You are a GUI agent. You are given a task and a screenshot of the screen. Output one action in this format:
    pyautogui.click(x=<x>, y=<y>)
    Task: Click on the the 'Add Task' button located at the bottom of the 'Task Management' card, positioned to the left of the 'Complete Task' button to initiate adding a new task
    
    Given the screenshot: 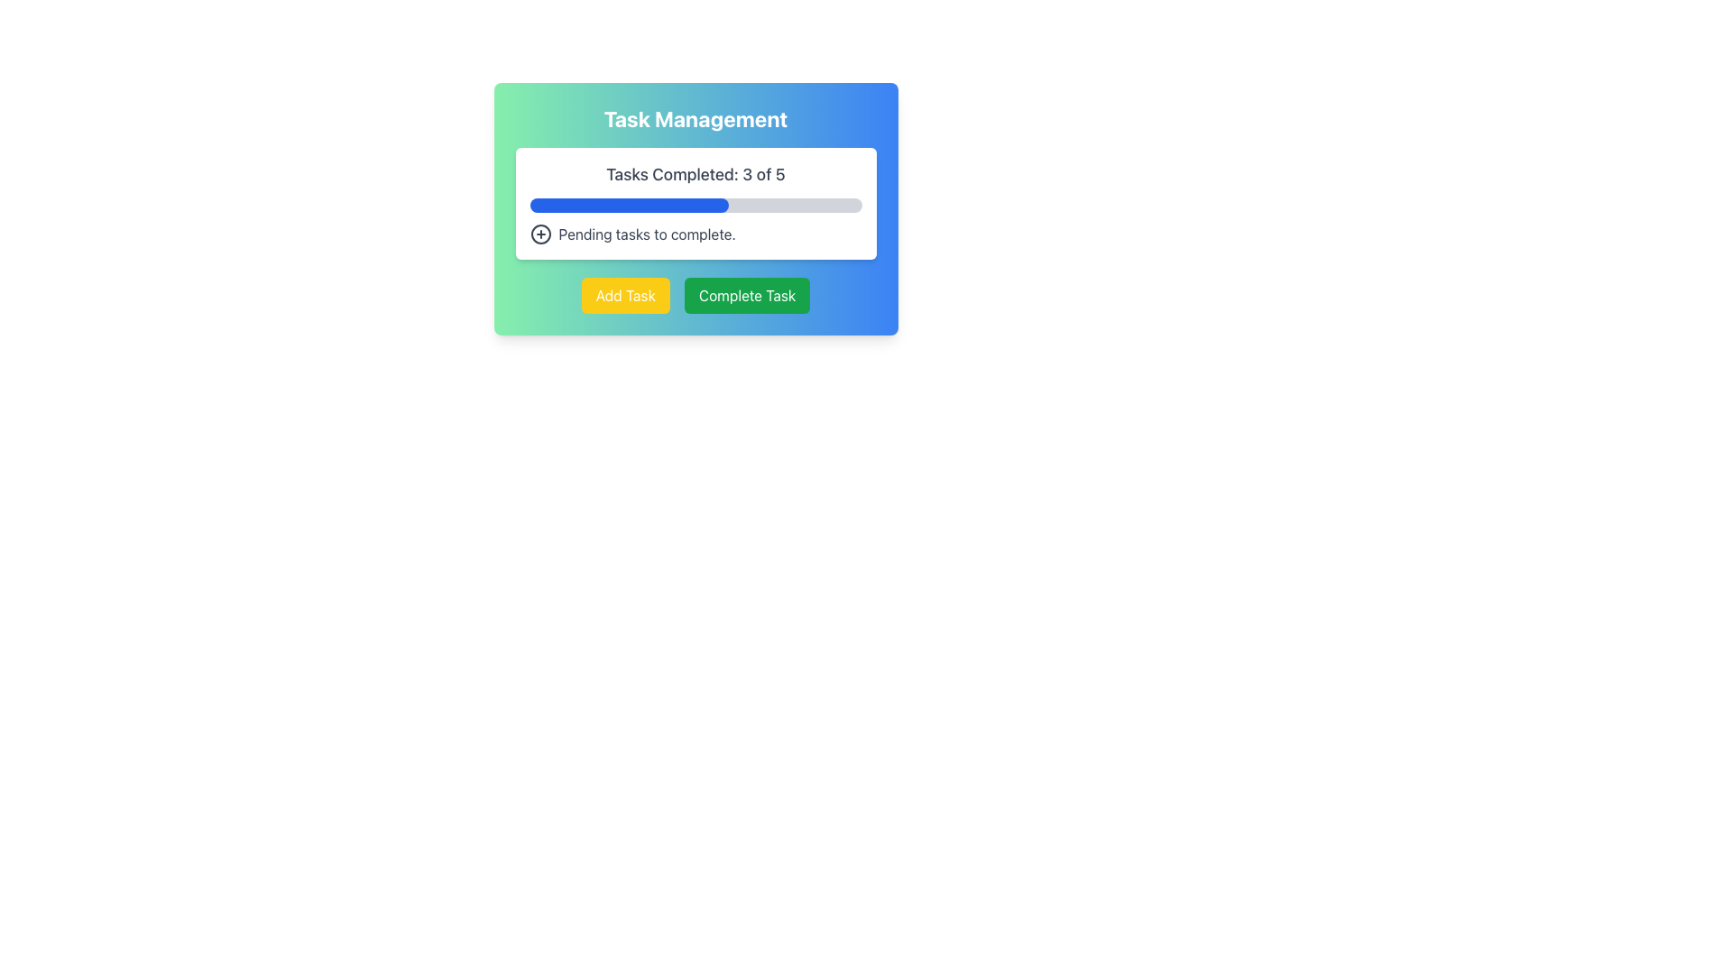 What is the action you would take?
    pyautogui.click(x=625, y=294)
    